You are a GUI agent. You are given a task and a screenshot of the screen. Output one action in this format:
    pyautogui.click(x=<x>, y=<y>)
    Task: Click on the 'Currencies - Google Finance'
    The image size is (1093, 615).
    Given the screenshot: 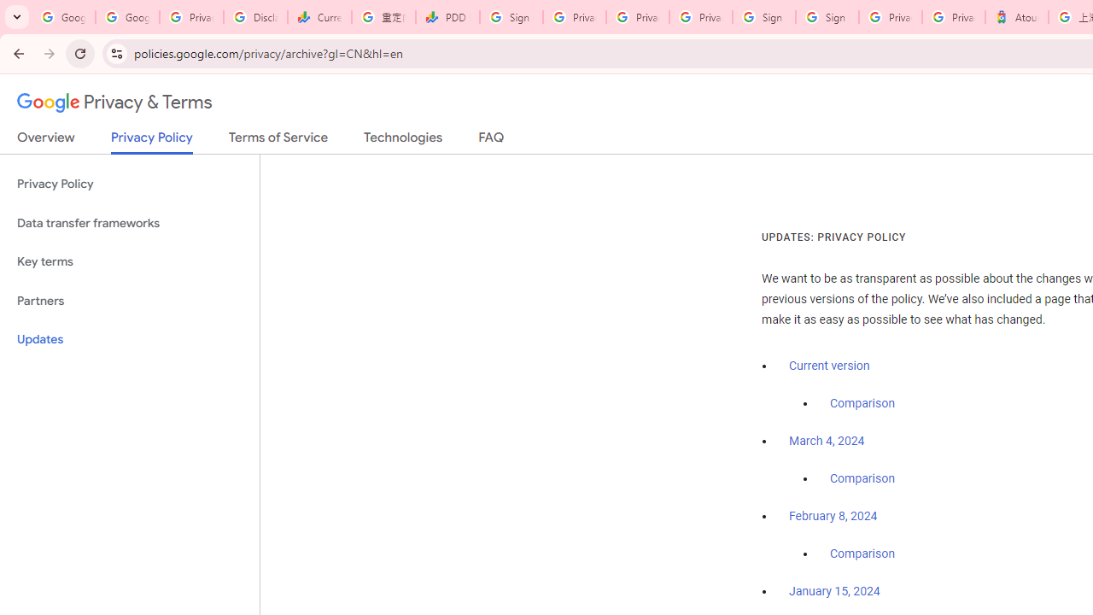 What is the action you would take?
    pyautogui.click(x=319, y=17)
    